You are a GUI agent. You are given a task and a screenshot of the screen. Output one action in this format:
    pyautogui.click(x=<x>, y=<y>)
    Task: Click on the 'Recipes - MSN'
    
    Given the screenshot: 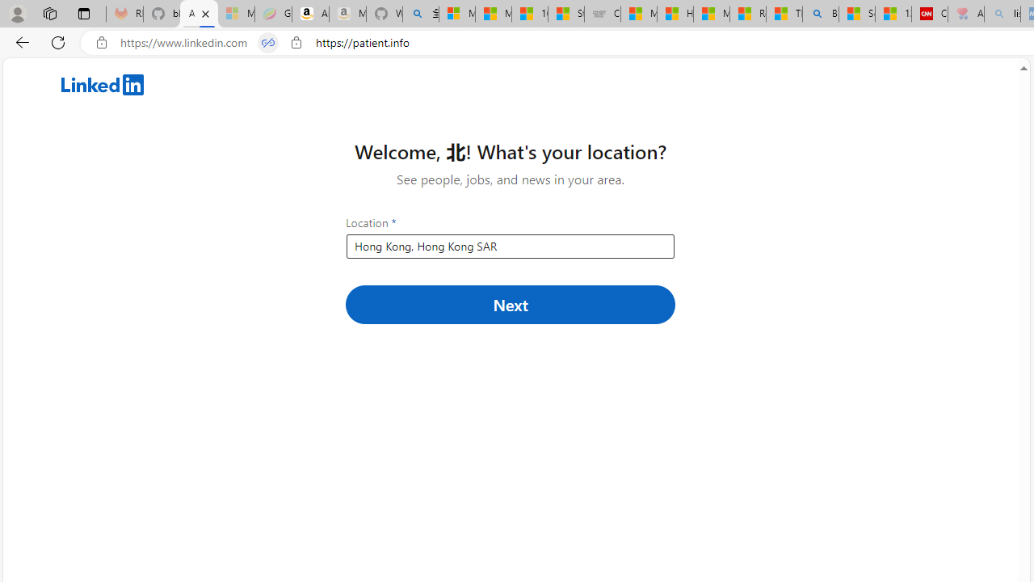 What is the action you would take?
    pyautogui.click(x=747, y=14)
    